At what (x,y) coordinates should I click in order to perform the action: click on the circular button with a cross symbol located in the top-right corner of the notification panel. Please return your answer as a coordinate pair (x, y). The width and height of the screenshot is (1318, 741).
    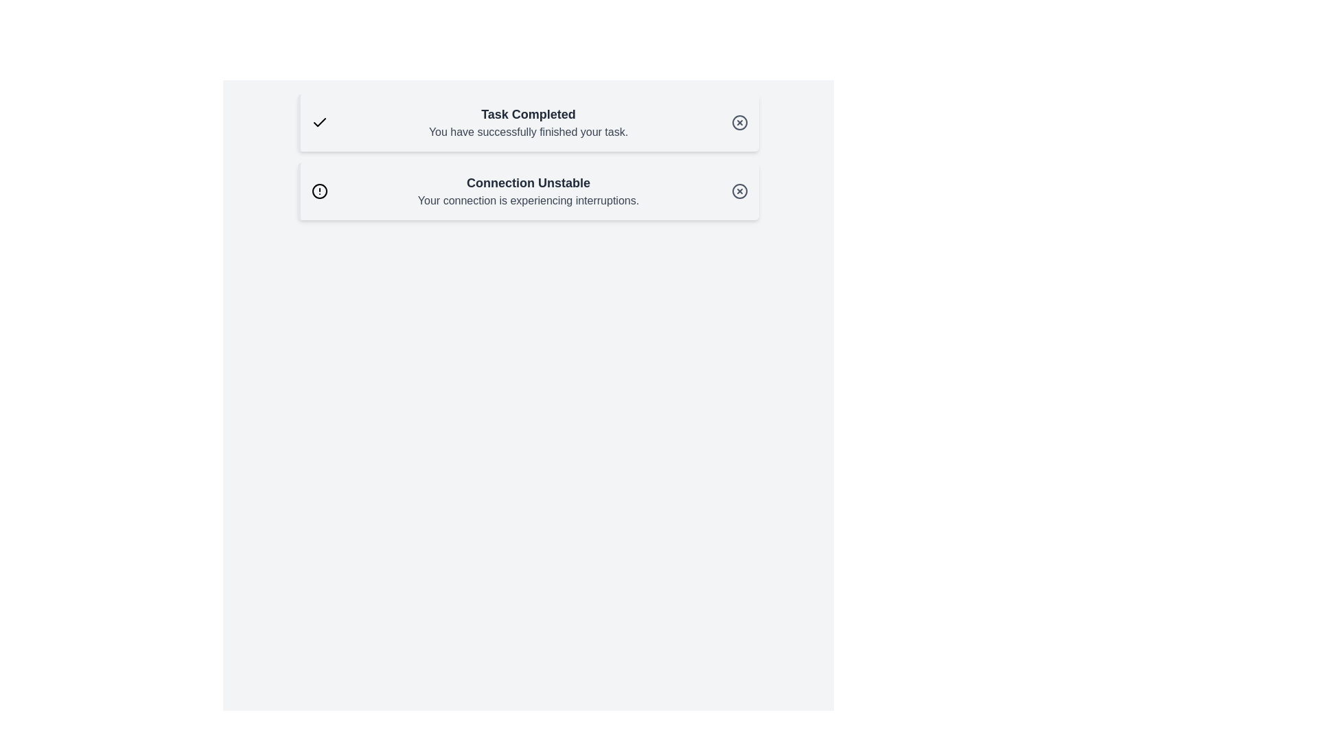
    Looking at the image, I should click on (739, 121).